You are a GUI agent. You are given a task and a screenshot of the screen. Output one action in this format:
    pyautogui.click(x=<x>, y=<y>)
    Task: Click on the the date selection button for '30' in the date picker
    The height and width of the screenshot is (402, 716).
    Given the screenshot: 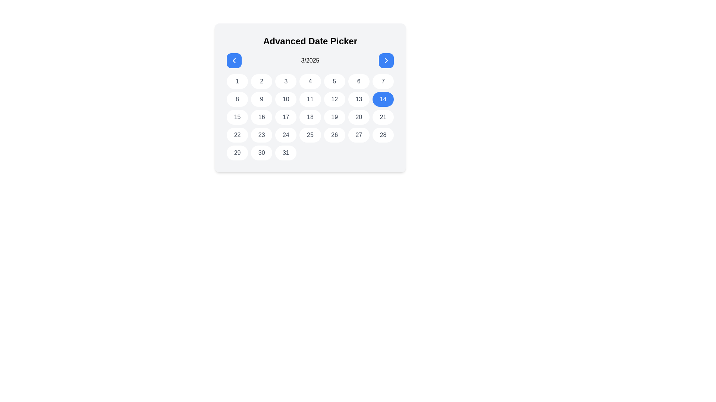 What is the action you would take?
    pyautogui.click(x=261, y=153)
    